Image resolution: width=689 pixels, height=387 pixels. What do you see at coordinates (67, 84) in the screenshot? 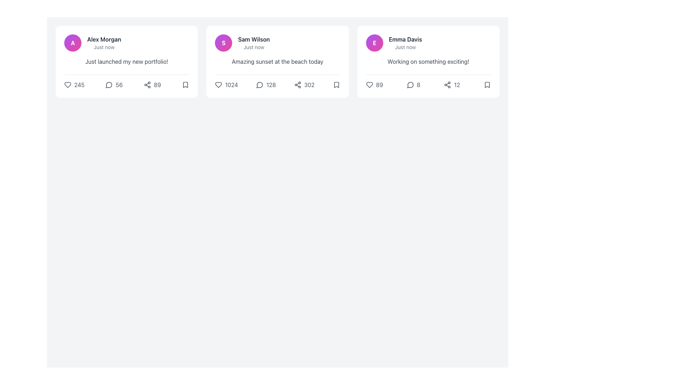
I see `the heart icon located in the bottom-left part of the content card to like the post` at bounding box center [67, 84].